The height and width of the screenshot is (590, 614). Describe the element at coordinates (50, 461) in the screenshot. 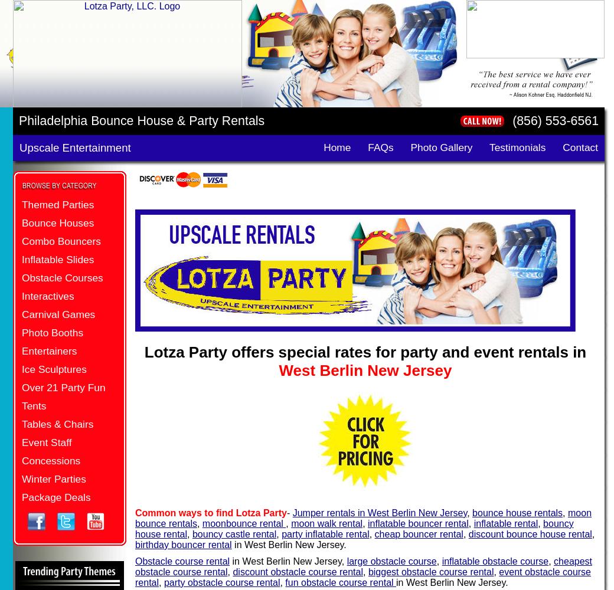

I see `'Concessions'` at that location.